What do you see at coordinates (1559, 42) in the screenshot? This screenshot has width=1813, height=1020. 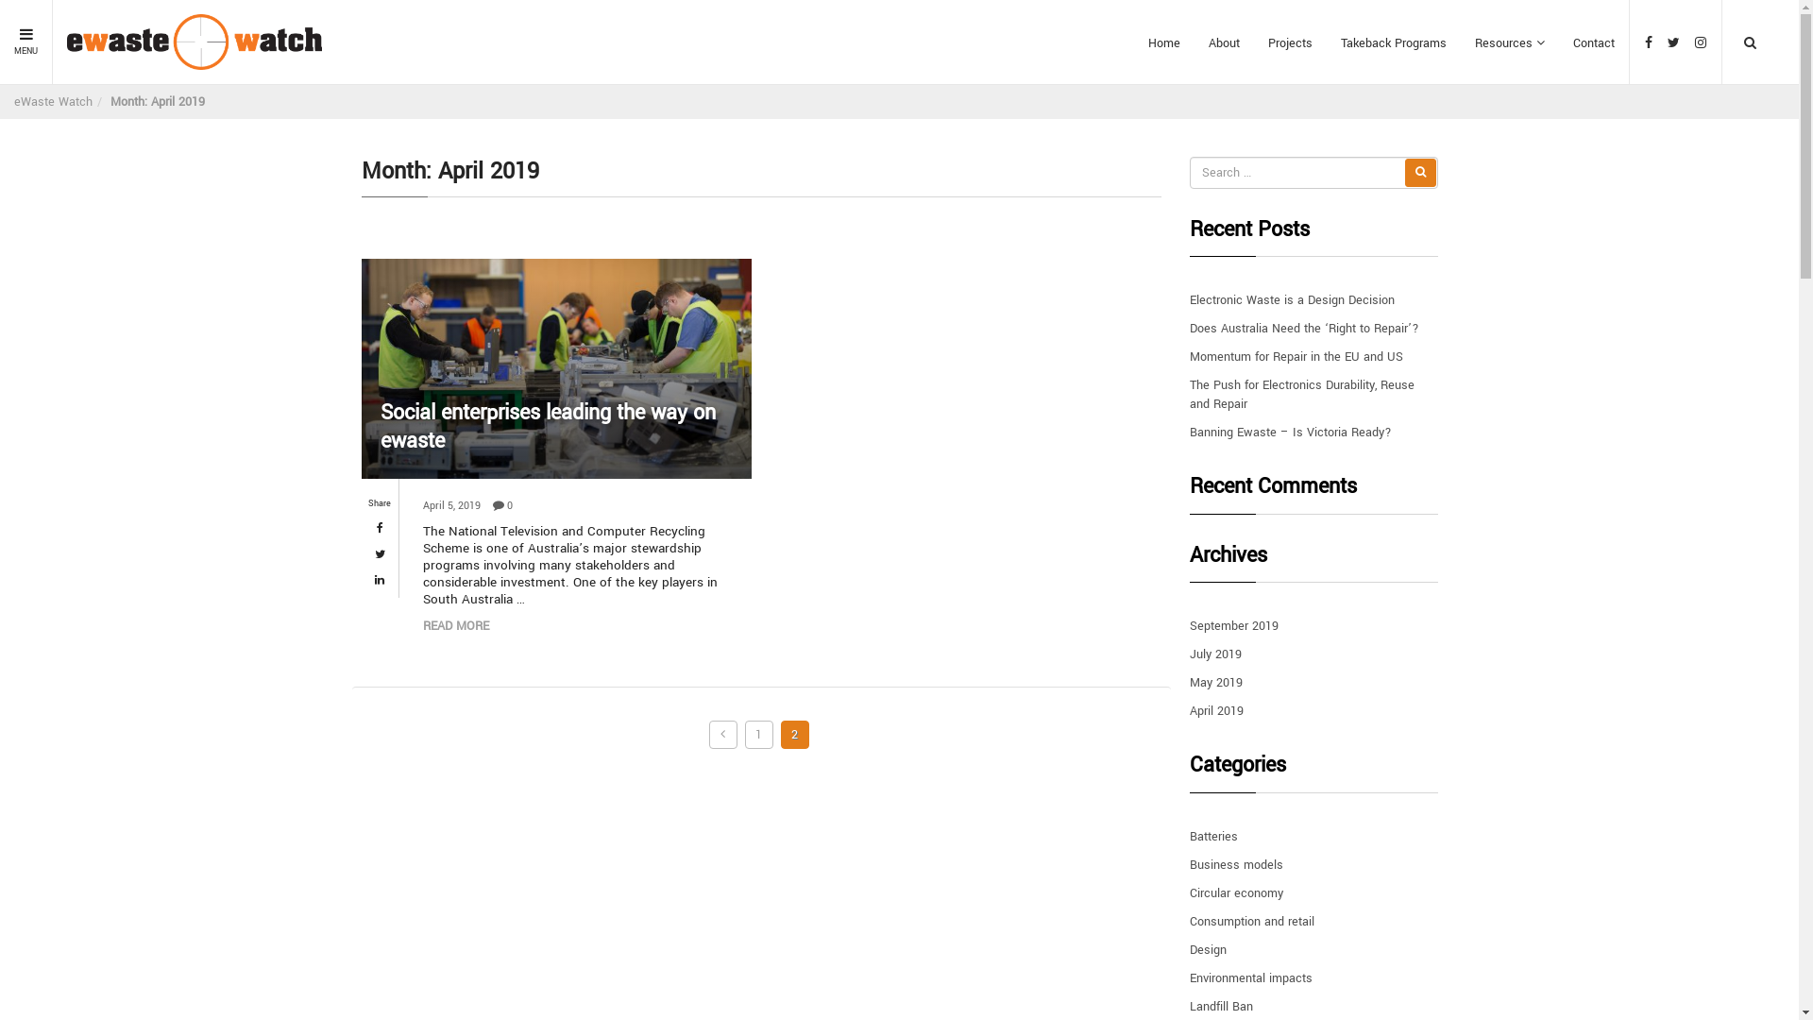 I see `'Contact'` at bounding box center [1559, 42].